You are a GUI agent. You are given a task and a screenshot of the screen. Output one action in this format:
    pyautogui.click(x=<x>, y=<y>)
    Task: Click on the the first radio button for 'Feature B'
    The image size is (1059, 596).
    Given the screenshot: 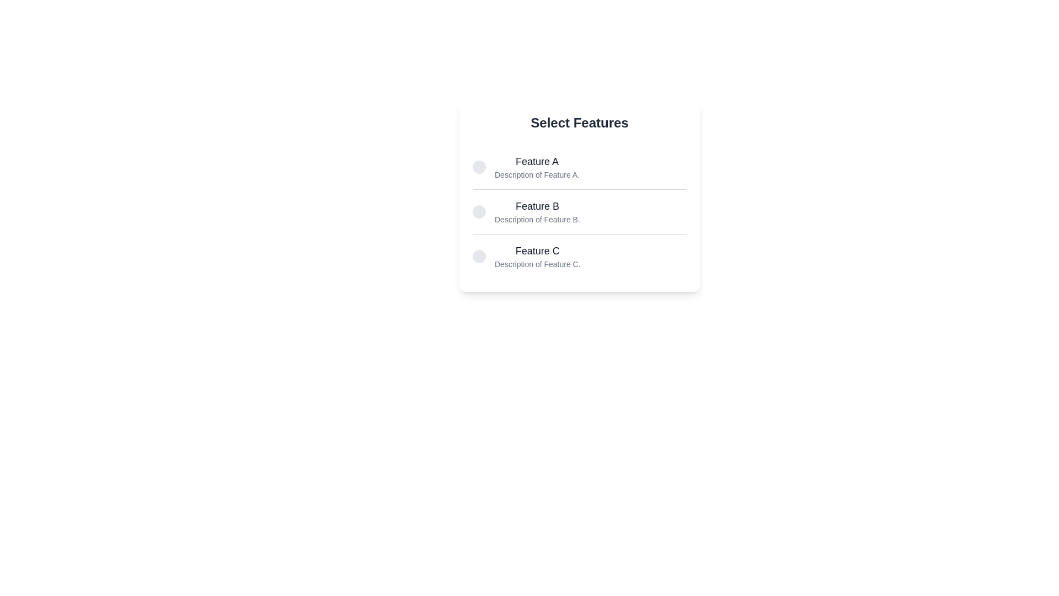 What is the action you would take?
    pyautogui.click(x=479, y=212)
    